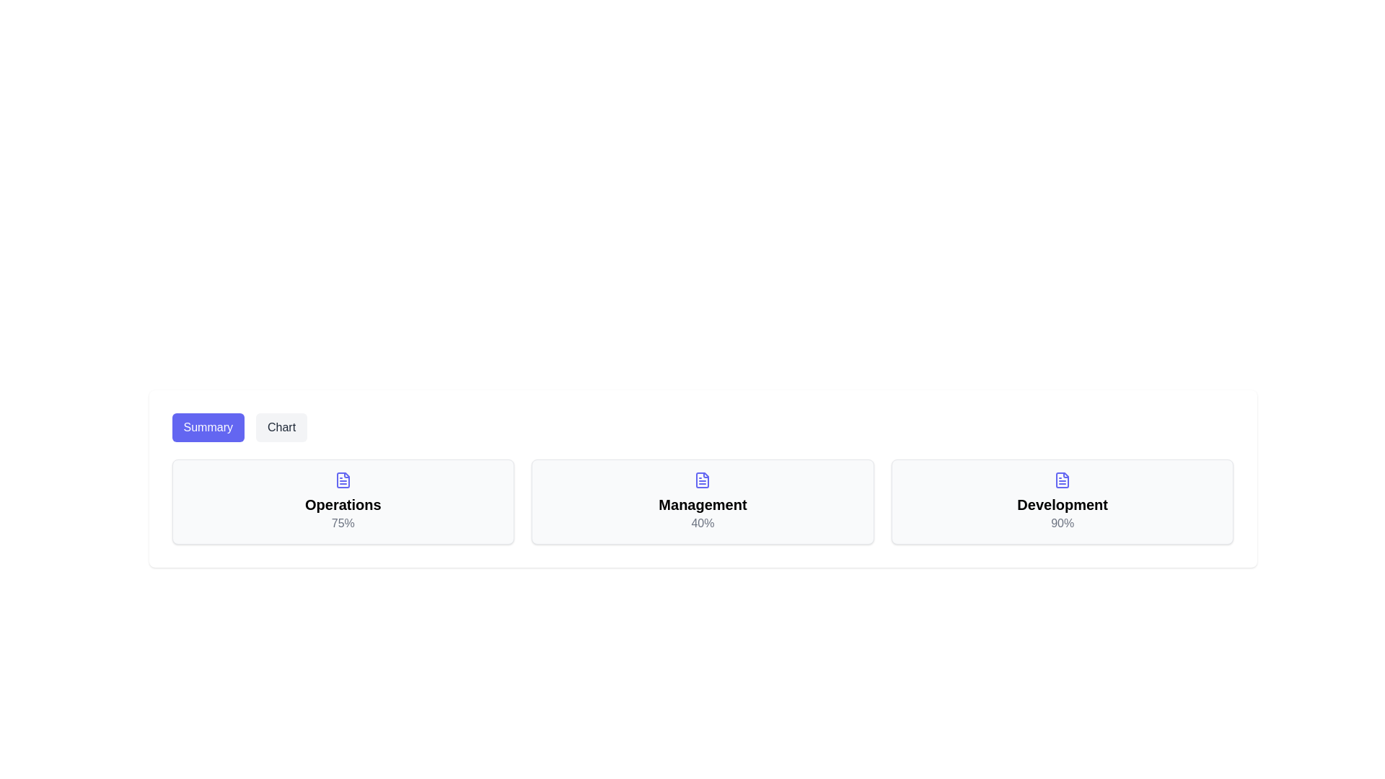 Image resolution: width=1385 pixels, height=779 pixels. I want to click on the button located to the immediate right of the 'Summary' button, which navigates users to a section related to charts or data visualization, so click(281, 427).